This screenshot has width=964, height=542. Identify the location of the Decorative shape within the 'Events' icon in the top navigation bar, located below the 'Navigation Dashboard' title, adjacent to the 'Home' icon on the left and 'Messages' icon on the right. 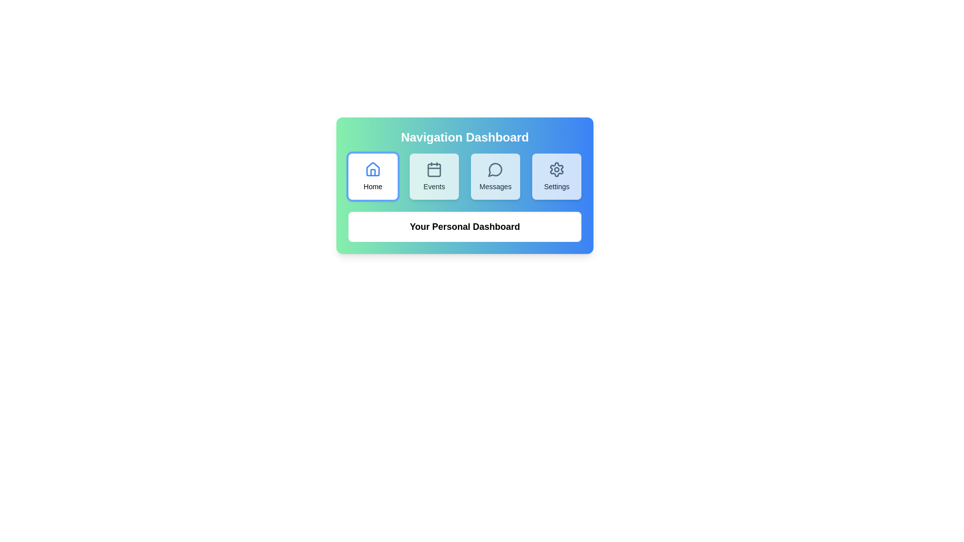
(434, 170).